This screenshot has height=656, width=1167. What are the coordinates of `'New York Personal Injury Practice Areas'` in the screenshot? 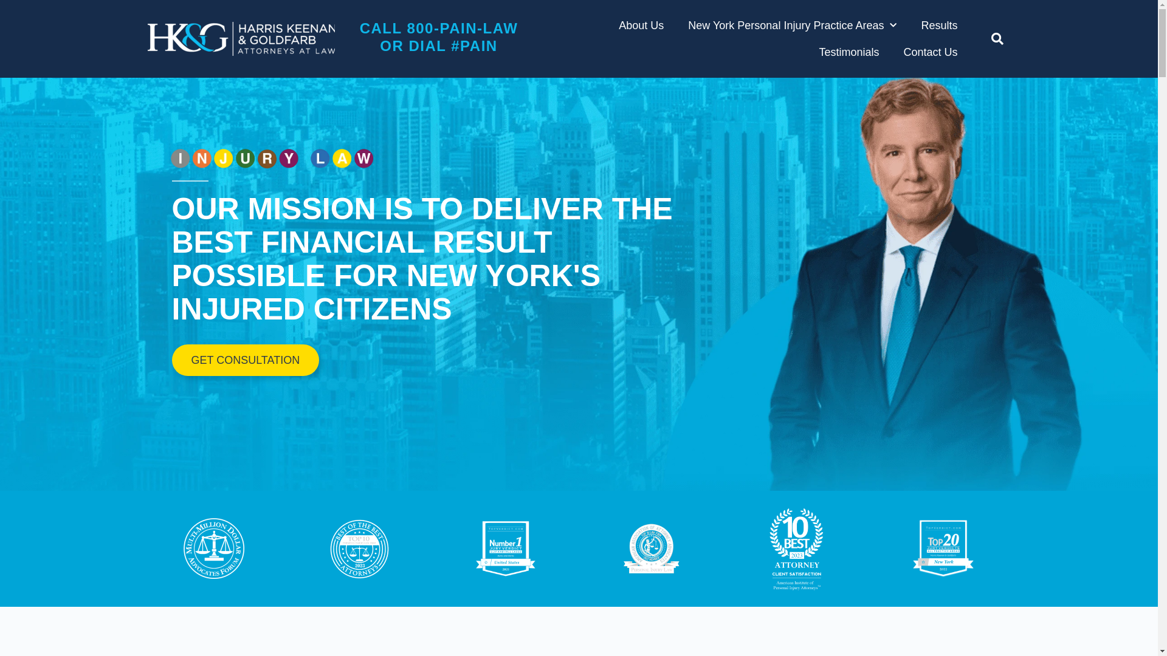 It's located at (792, 26).